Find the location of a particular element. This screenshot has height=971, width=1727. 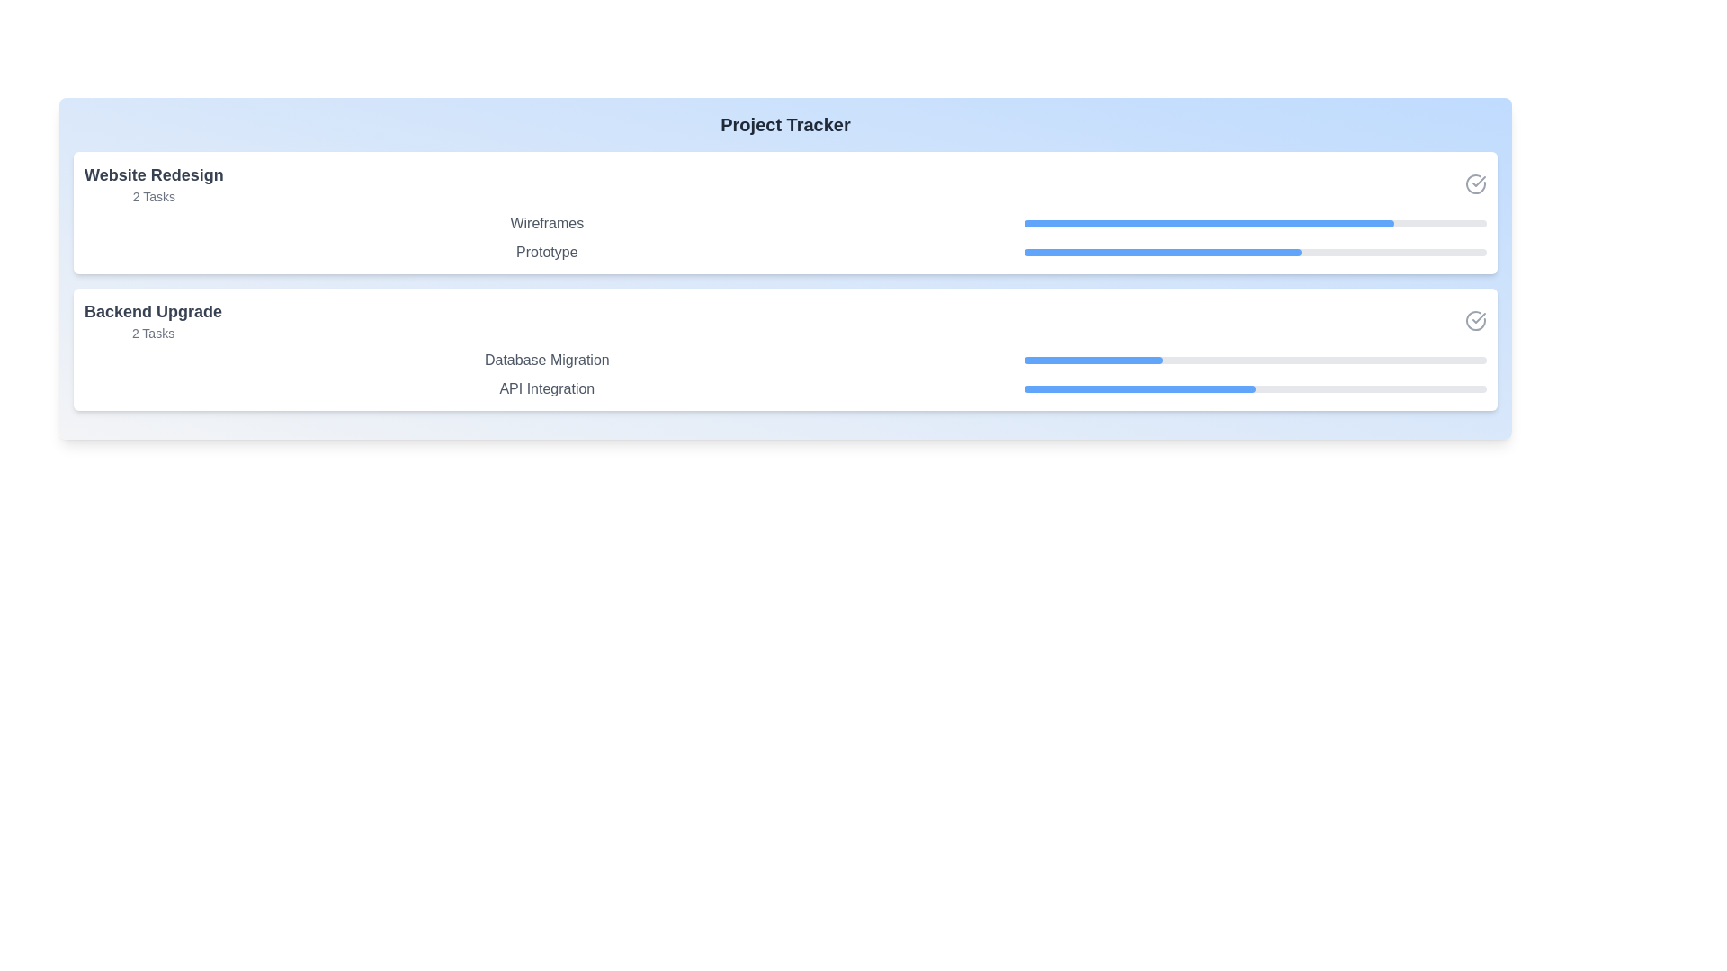

the compositional display component that shows 'Wireframes' and 'Prototype' labels with their progress bars is located at coordinates (785, 237).